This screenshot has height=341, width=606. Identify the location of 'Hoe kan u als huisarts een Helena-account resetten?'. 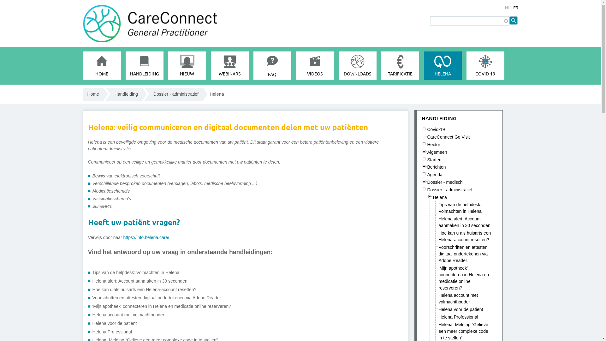
(465, 236).